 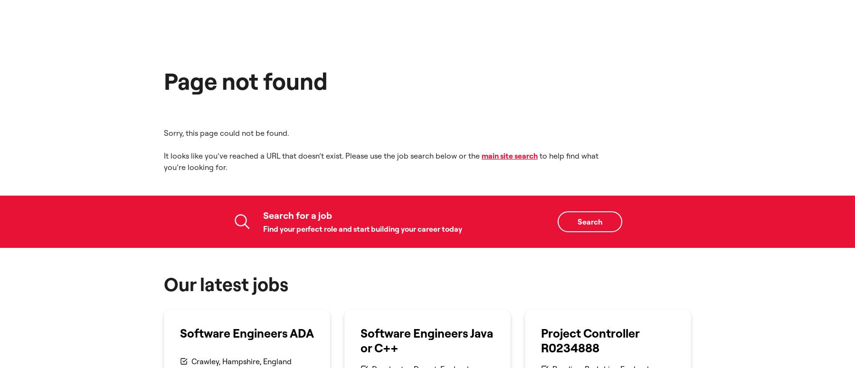 I want to click on 'Capenhurst, Cheshire, England', so click(x=244, y=147).